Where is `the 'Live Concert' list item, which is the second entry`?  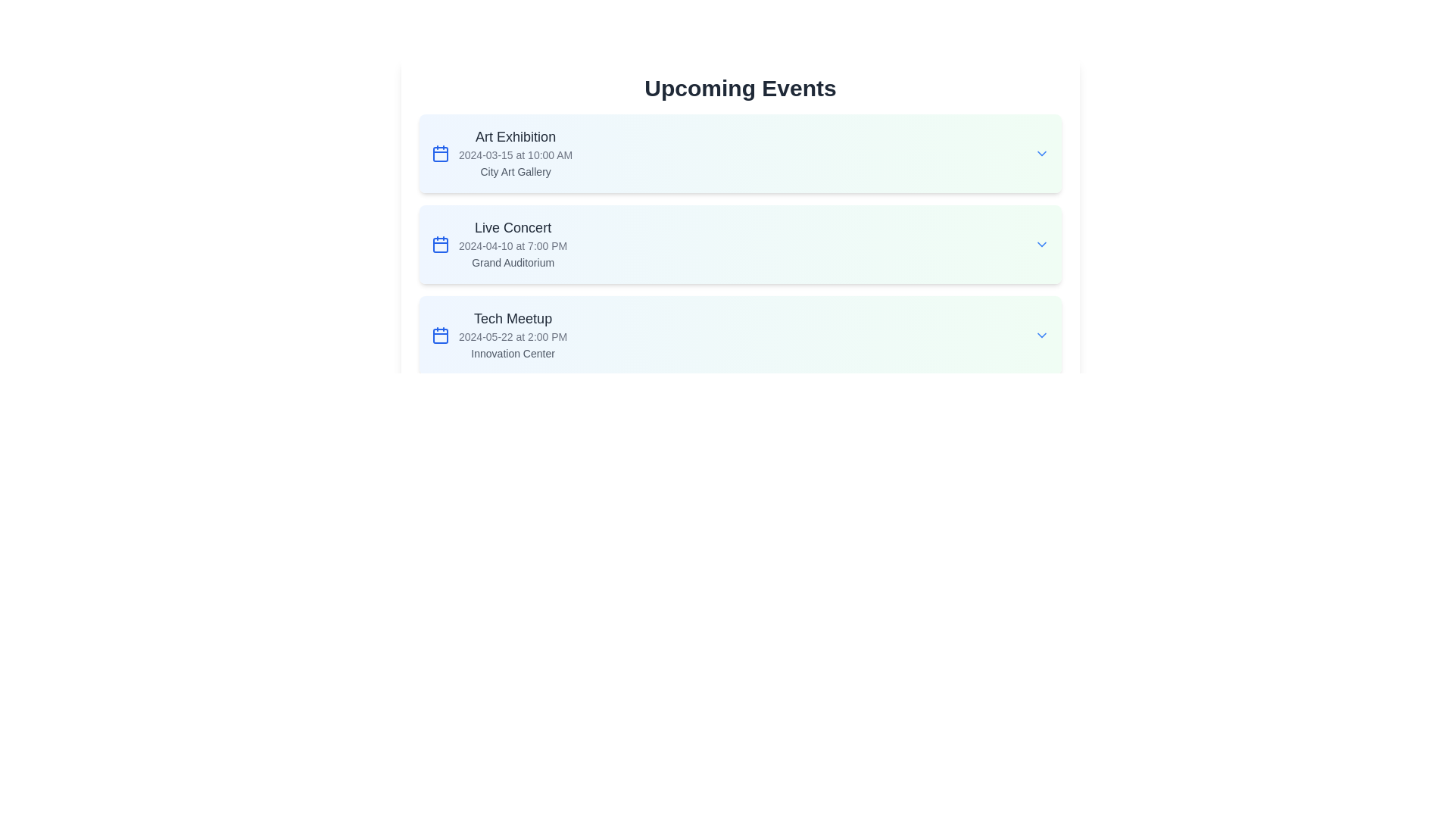
the 'Live Concert' list item, which is the second entry is located at coordinates (741, 244).